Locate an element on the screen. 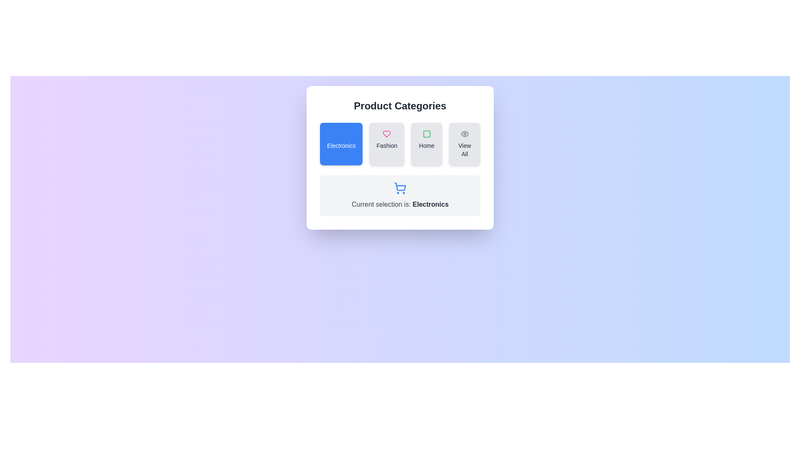 The width and height of the screenshot is (802, 451). the small green-outlined square icon with a light-gray background located within the gray card labeled 'Home' in the 'Product Categories' section is located at coordinates (426, 133).